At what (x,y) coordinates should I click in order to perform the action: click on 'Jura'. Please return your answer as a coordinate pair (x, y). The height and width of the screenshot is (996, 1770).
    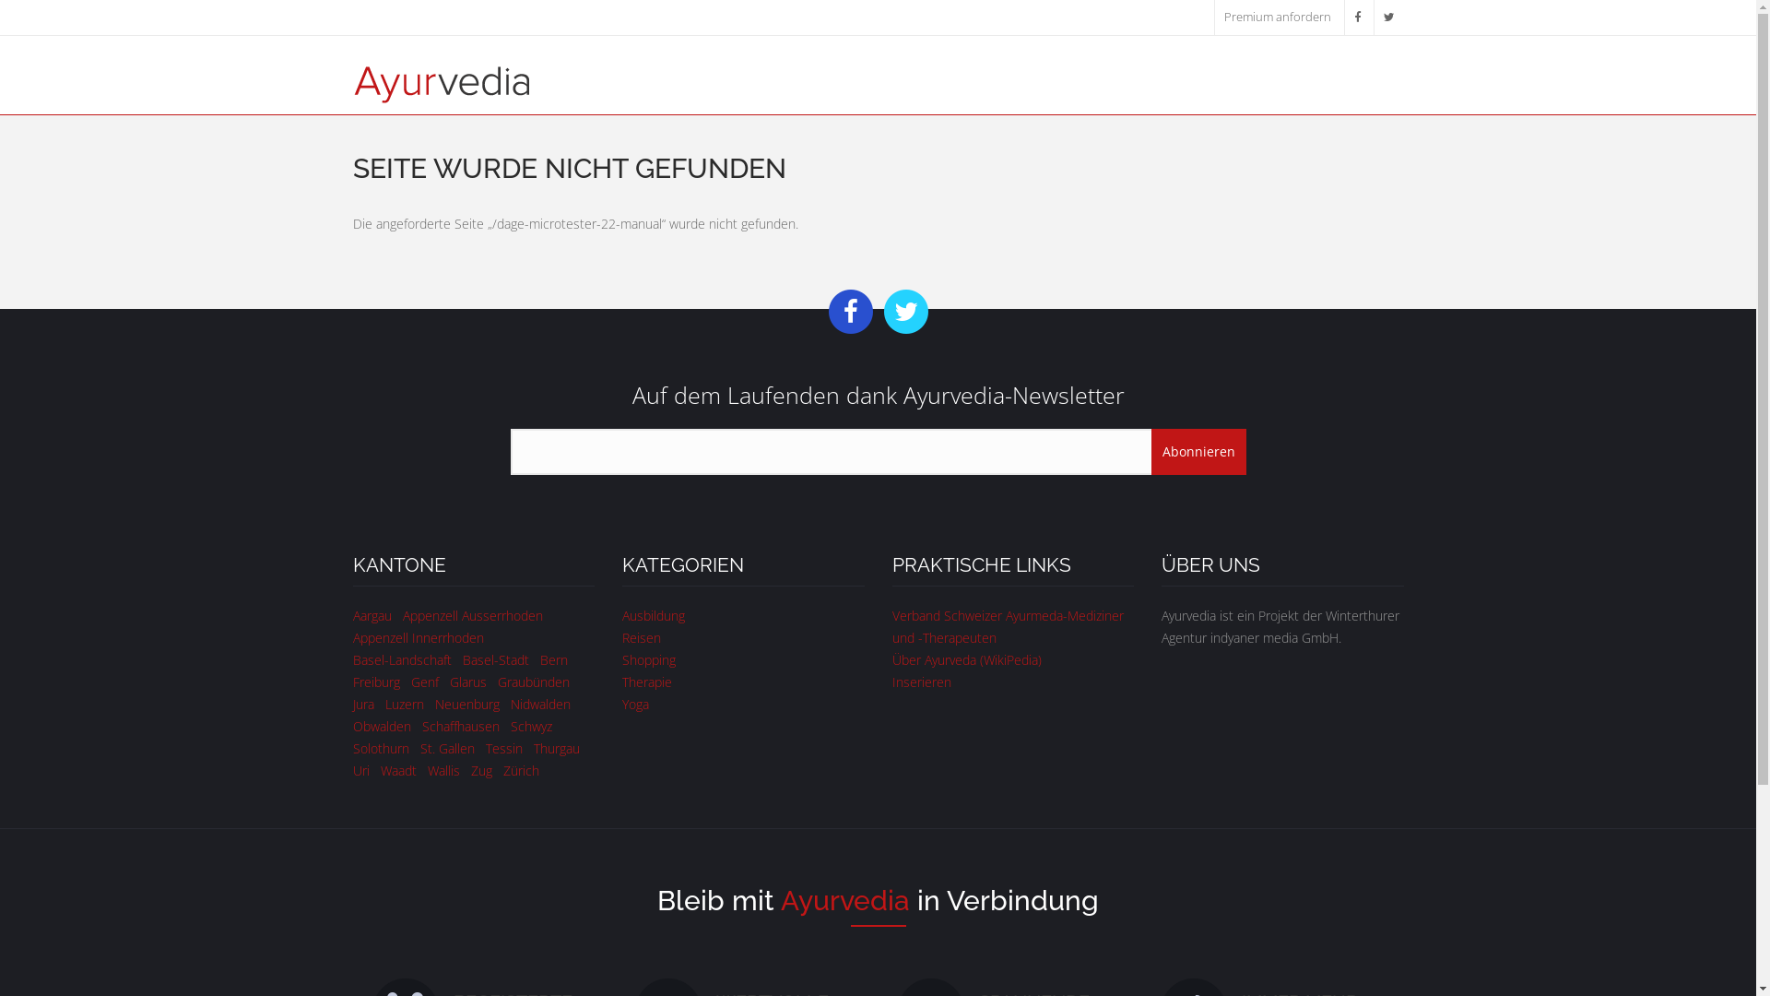
    Looking at the image, I should click on (362, 704).